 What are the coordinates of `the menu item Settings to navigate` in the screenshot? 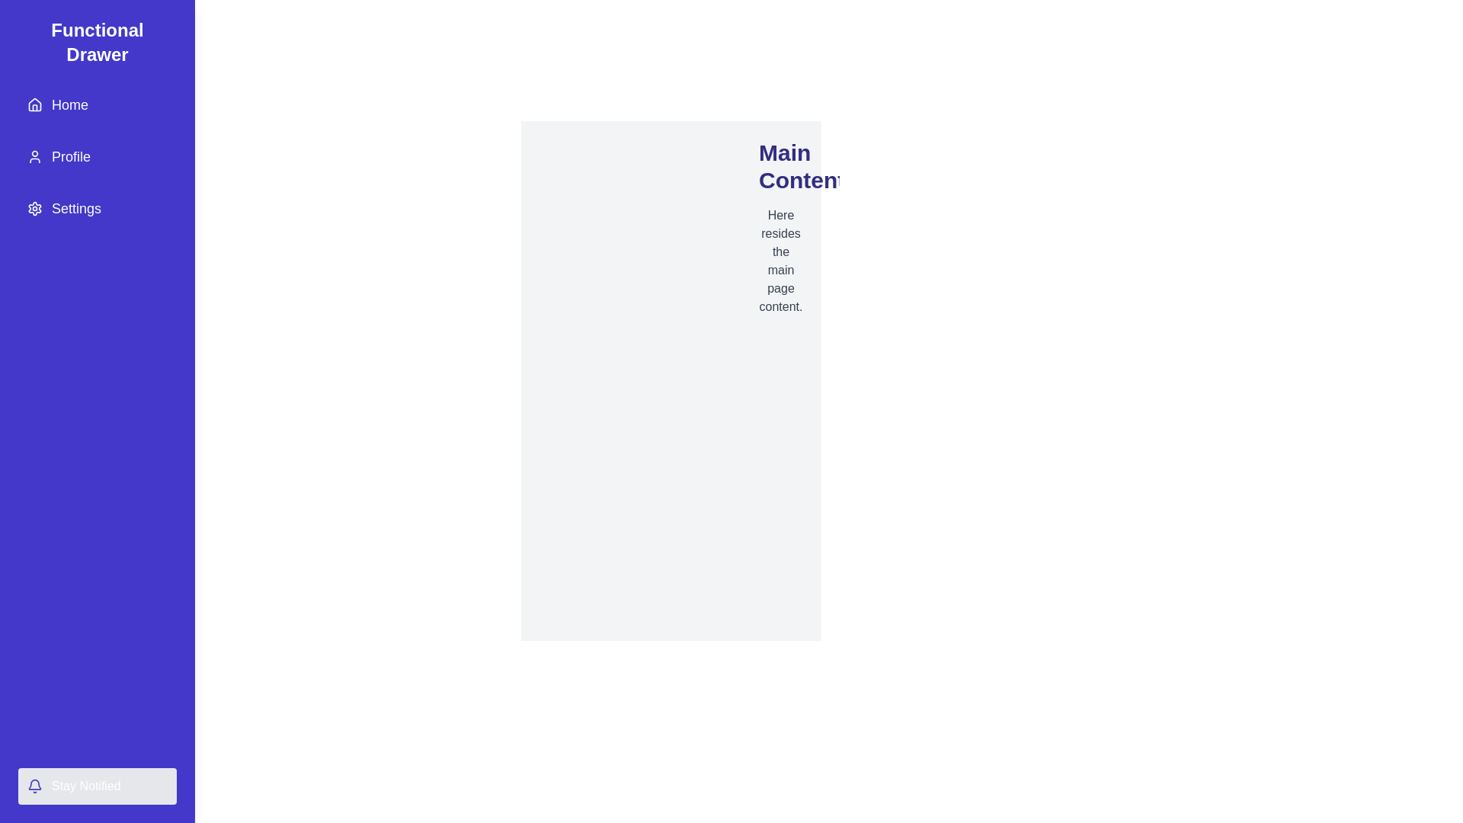 It's located at (97, 208).